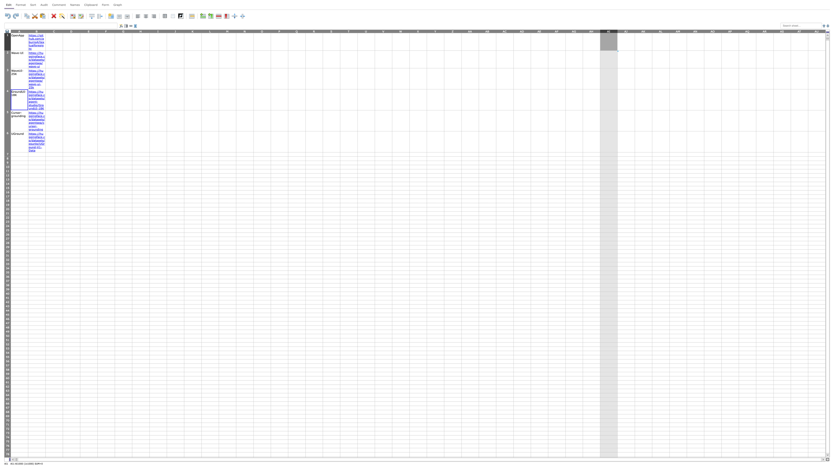 The height and width of the screenshot is (468, 832). Describe the element at coordinates (660, 31) in the screenshot. I see `column AL` at that location.